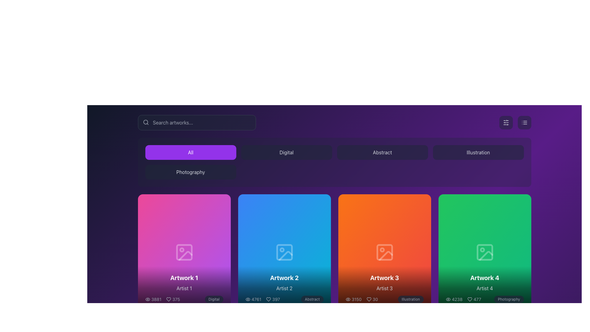 The width and height of the screenshot is (590, 332). I want to click on outer elliptical outline of the eye icon located within the third card (Artwork 3) in the grid layout by using the developer tools, so click(348, 299).